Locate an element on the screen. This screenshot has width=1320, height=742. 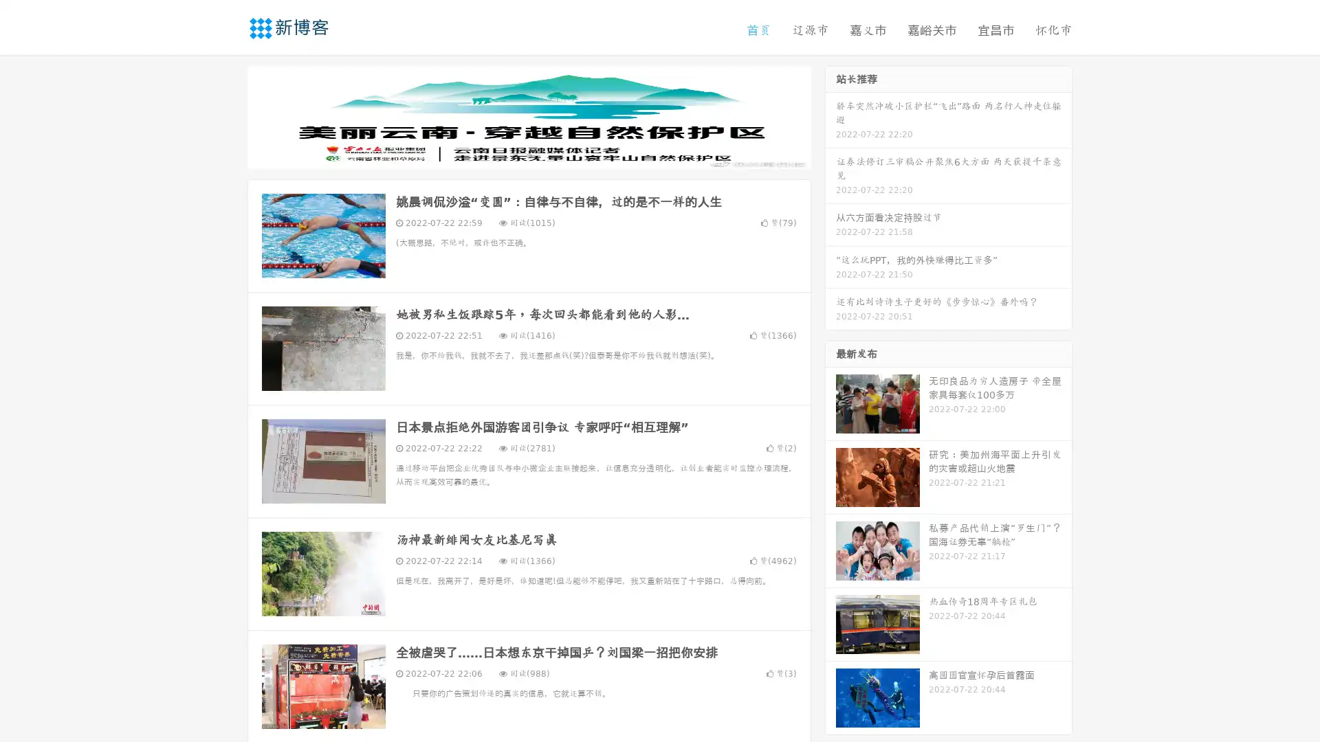
Go to slide 1 is located at coordinates (514, 155).